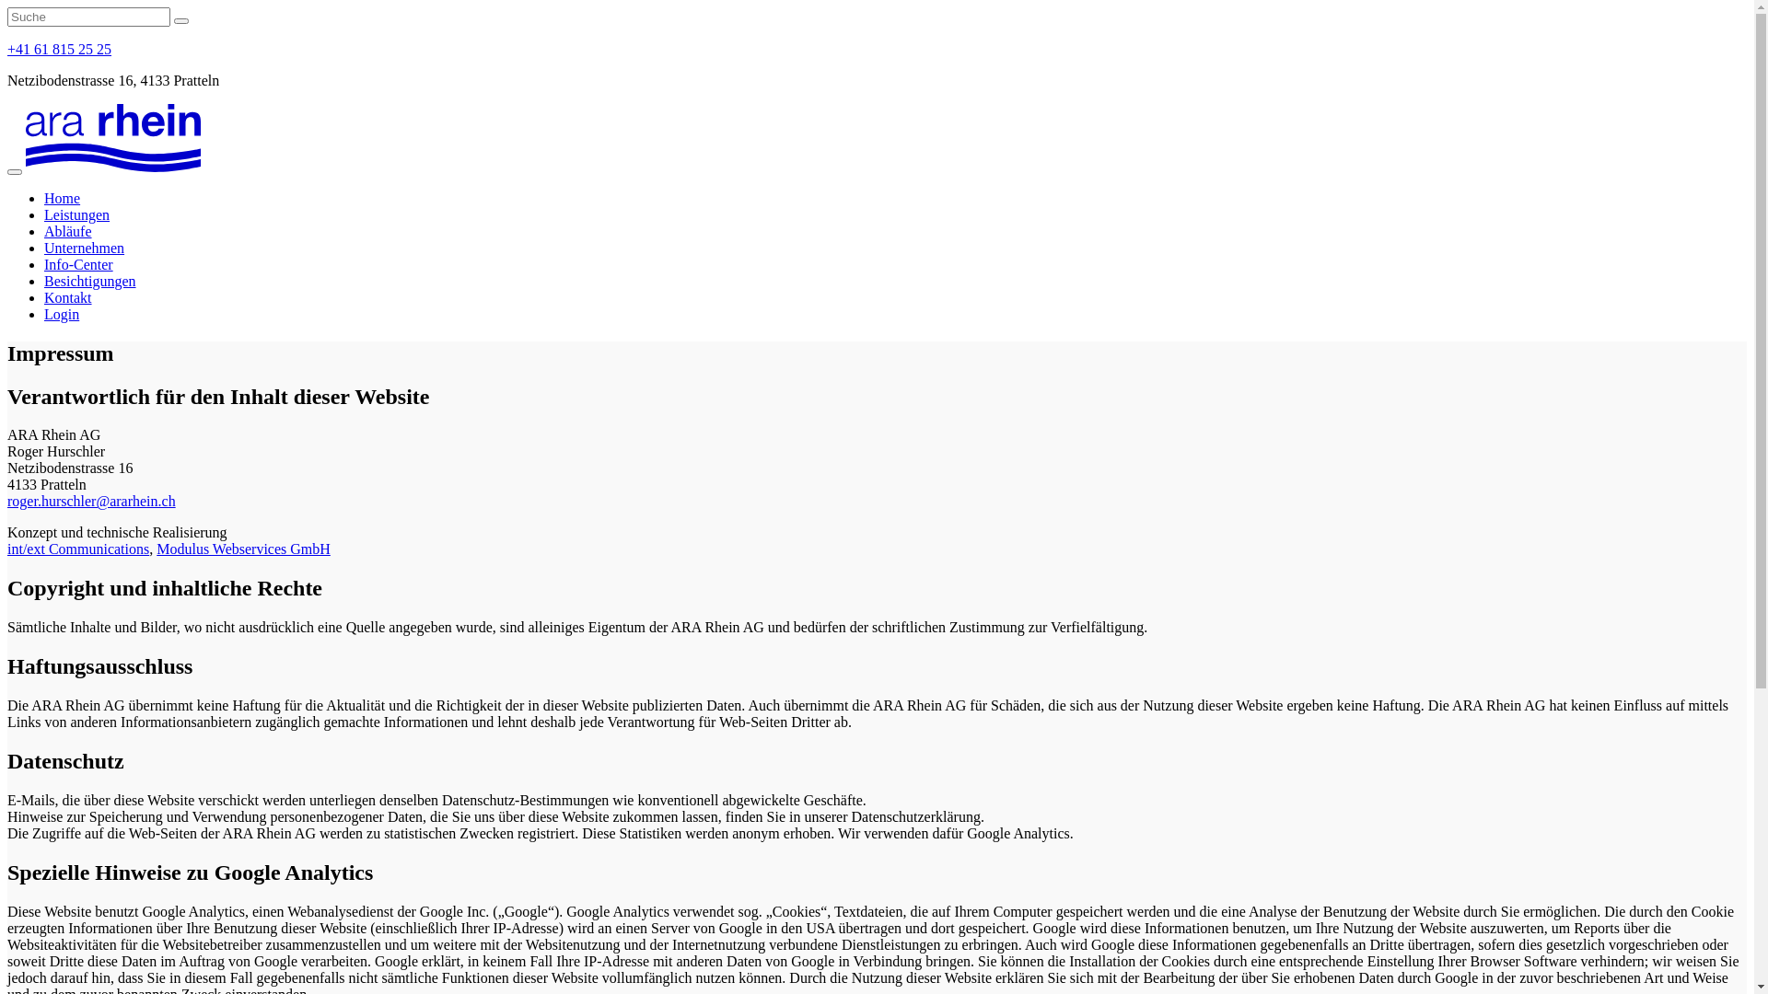 The image size is (1768, 994). I want to click on 'int/ext Communications', so click(7, 548).